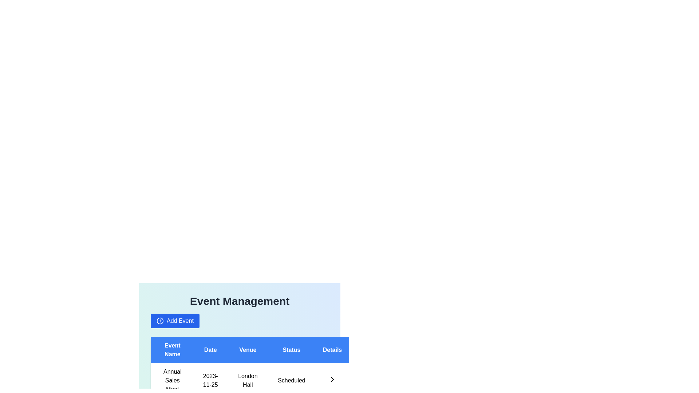  Describe the element at coordinates (175, 321) in the screenshot. I see `the 'Add New Event' button located below the 'Event Management' heading` at that location.